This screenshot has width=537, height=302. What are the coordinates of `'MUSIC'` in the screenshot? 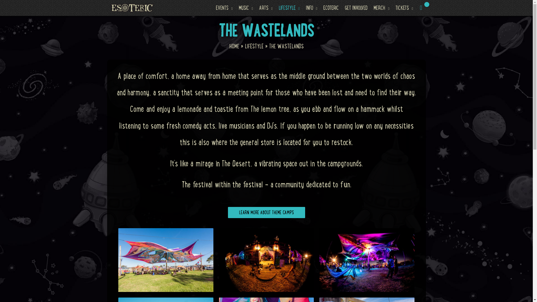 It's located at (246, 8).